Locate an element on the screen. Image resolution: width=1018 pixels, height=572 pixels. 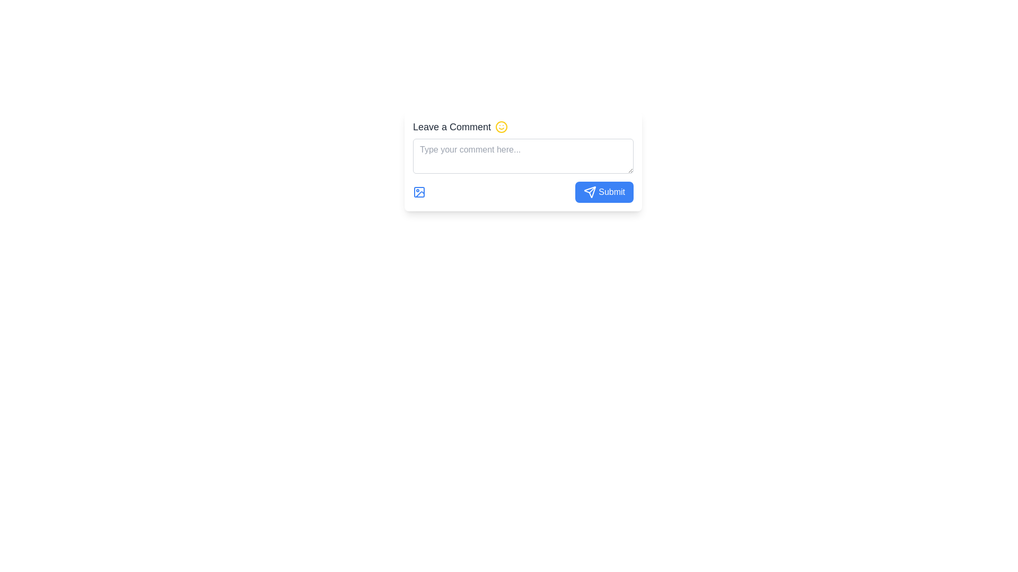
the rectangular blue 'Submit' button with white text and a paper airplane icon is located at coordinates (604, 192).